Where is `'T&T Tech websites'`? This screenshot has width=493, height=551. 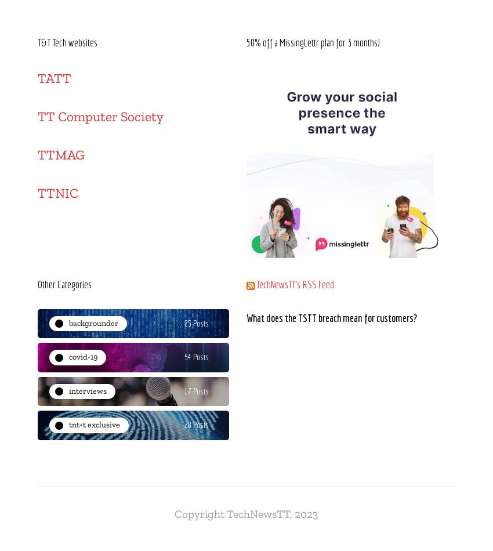
'T&T Tech websites' is located at coordinates (67, 42).